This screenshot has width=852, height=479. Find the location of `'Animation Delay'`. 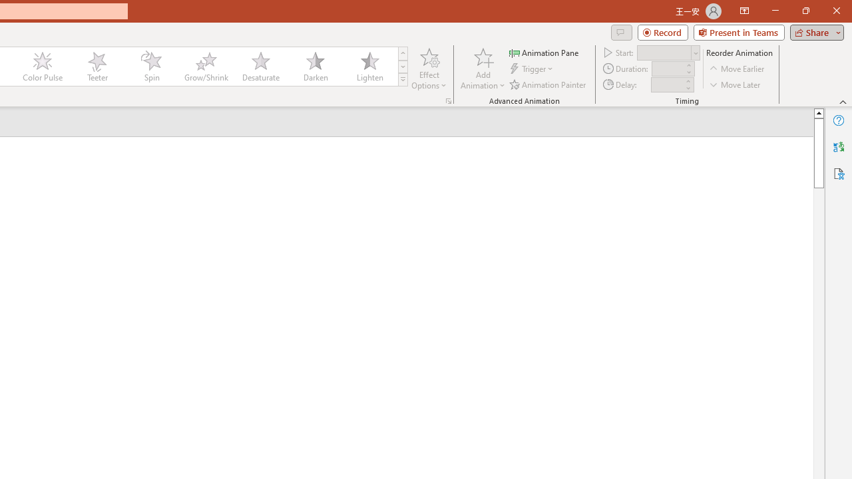

'Animation Delay' is located at coordinates (667, 84).